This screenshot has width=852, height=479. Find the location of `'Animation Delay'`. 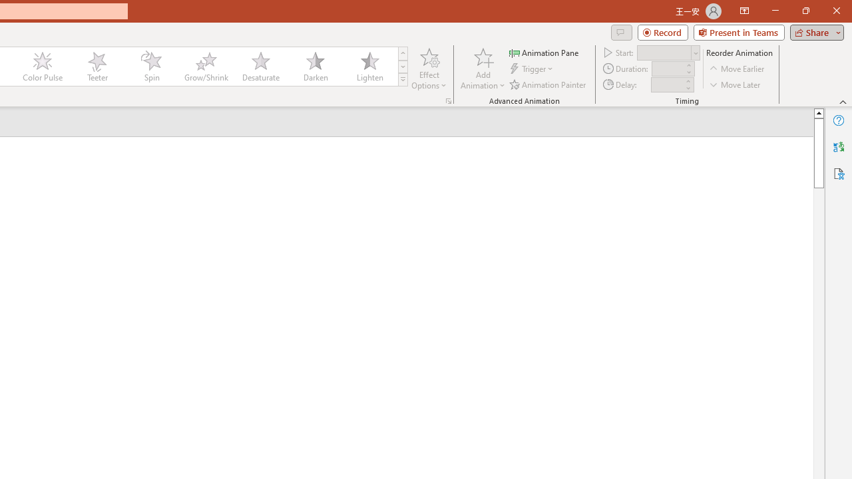

'Animation Delay' is located at coordinates (667, 84).